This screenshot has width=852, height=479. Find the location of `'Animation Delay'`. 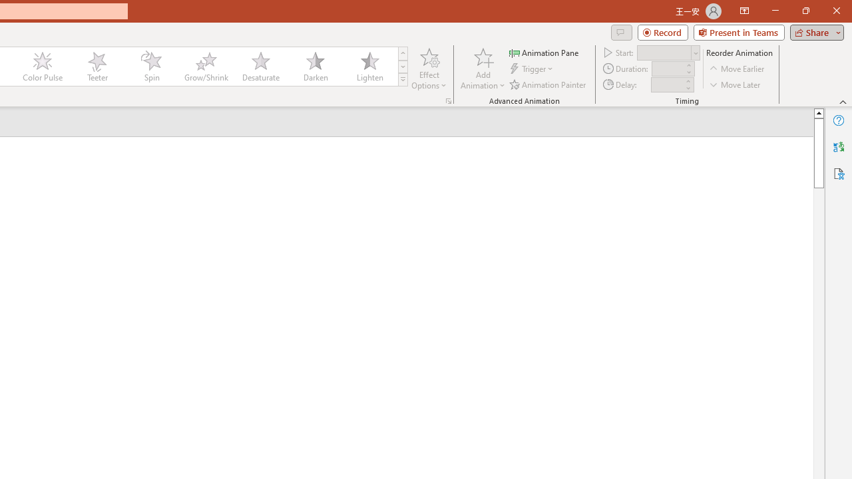

'Animation Delay' is located at coordinates (667, 84).